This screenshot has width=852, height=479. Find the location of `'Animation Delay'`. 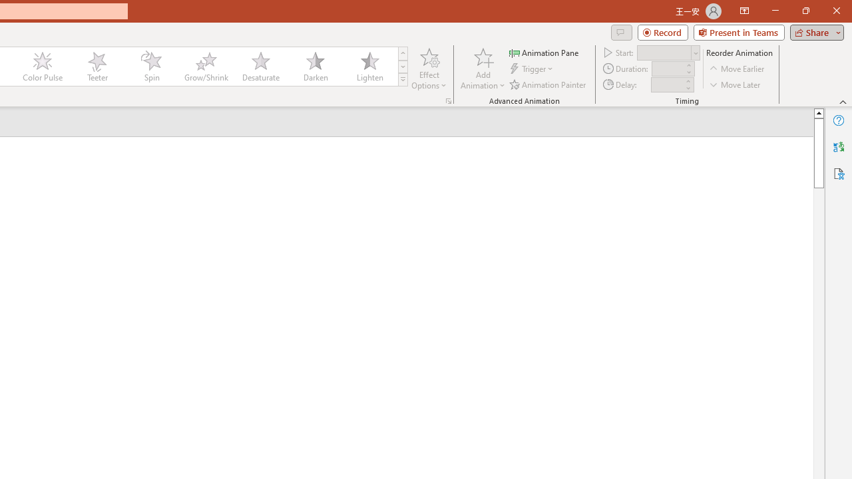

'Animation Delay' is located at coordinates (667, 84).